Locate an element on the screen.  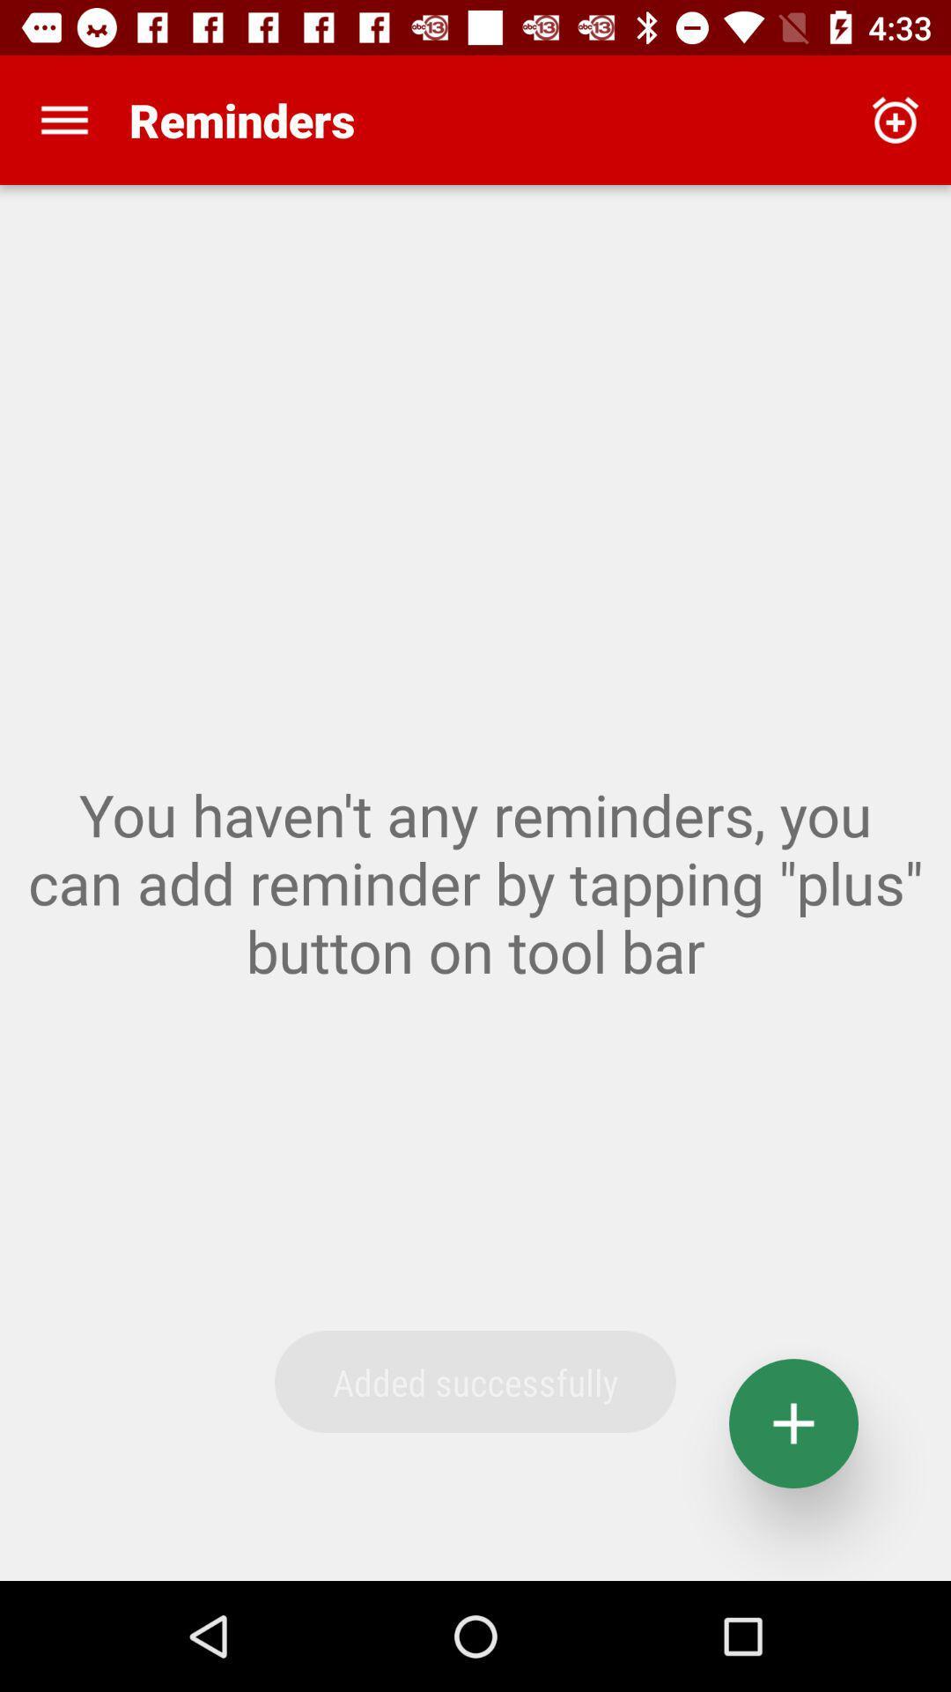
app to the left of reminders item is located at coordinates (63, 119).